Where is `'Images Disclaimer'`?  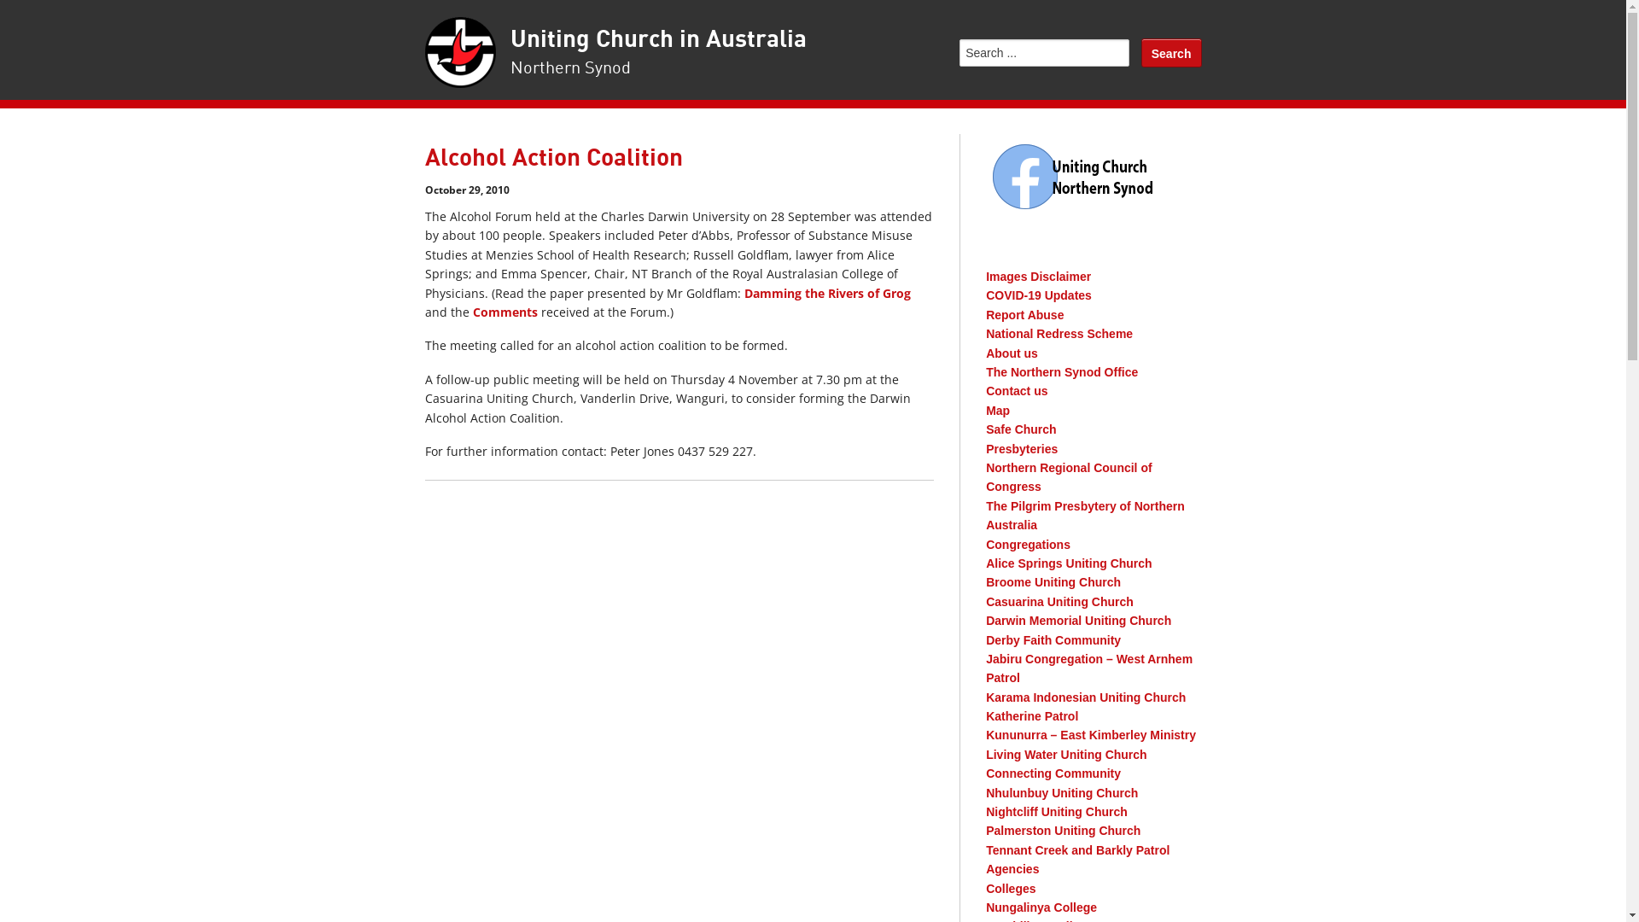
'Images Disclaimer' is located at coordinates (1037, 276).